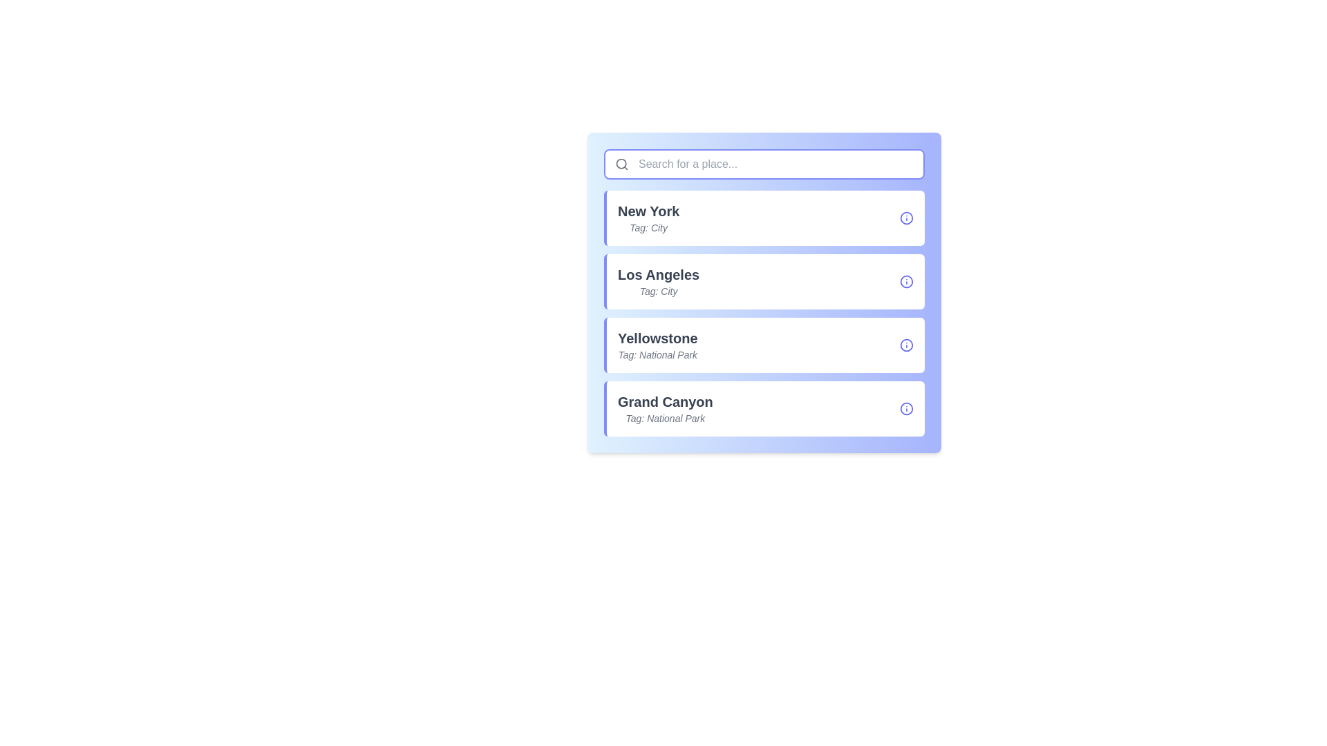 The image size is (1327, 746). I want to click on the information icon located on the far right of the row dedicated to 'Grand Canyon', so click(906, 408).